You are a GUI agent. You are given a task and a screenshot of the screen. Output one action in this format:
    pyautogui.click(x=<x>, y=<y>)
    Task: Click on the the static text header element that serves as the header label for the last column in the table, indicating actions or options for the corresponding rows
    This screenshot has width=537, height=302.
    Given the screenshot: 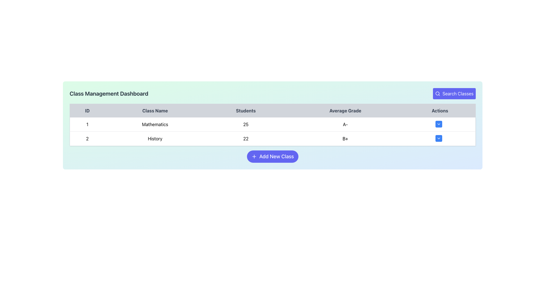 What is the action you would take?
    pyautogui.click(x=440, y=110)
    